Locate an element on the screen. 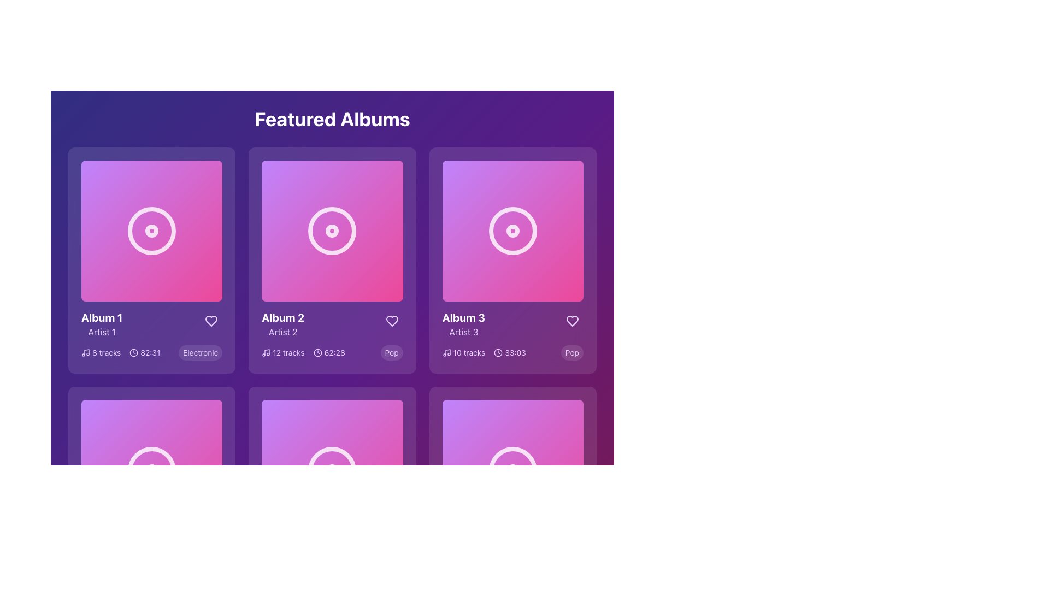  the informational label with a music icon and the text '10 tracks' located in the bottom-left section of the album card for 'Album 3' is located at coordinates (464, 353).